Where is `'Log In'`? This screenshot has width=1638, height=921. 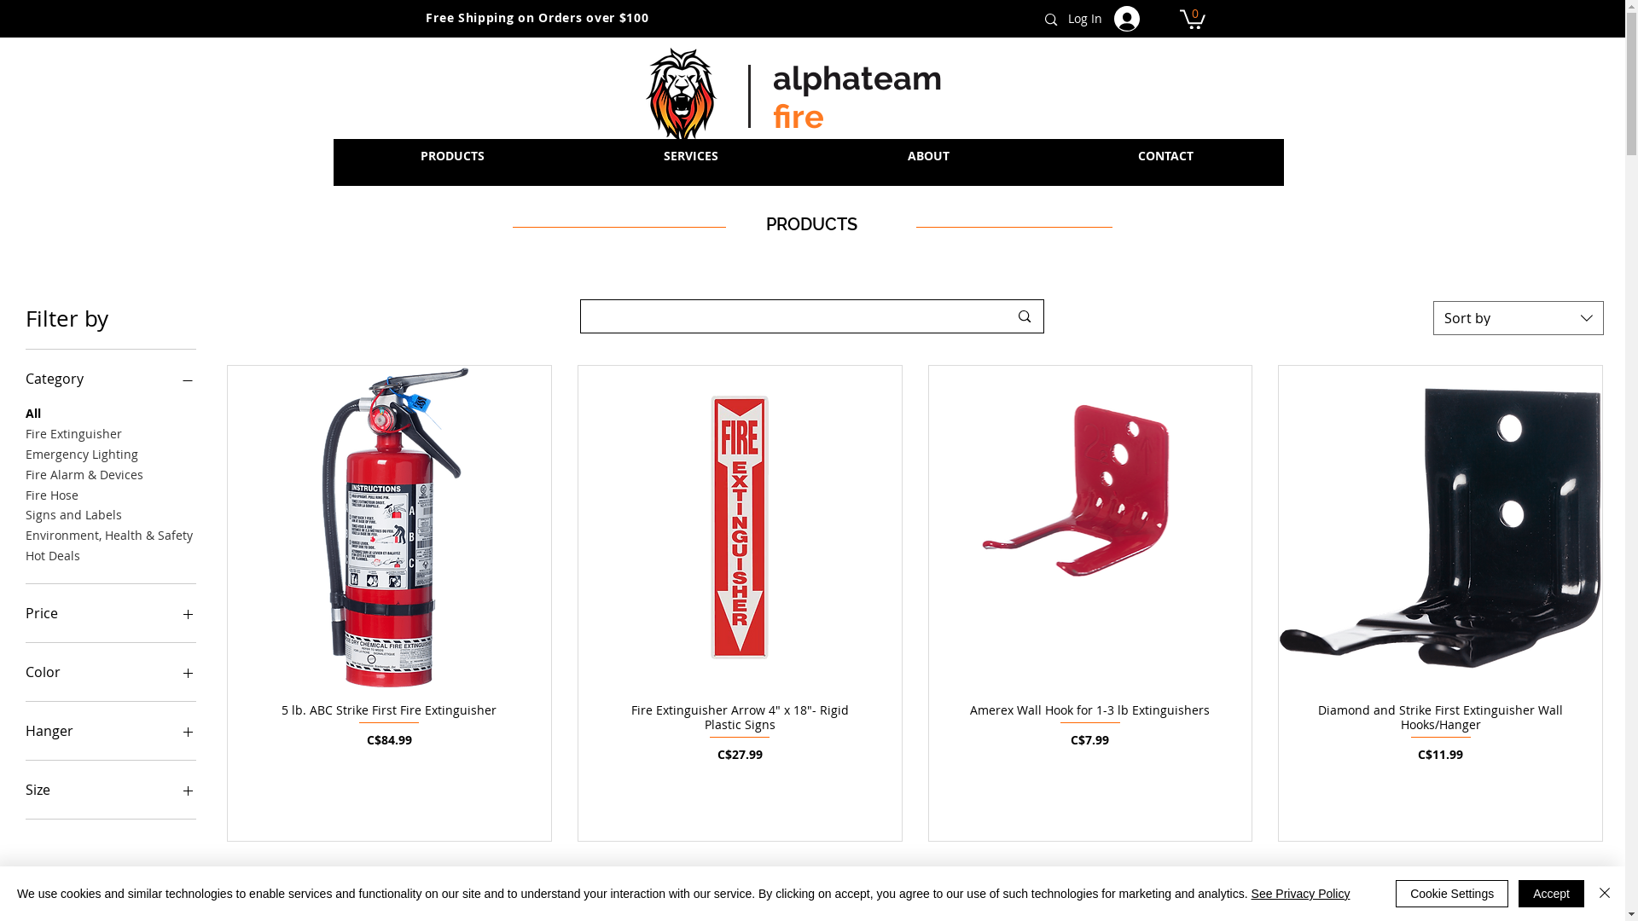 'Log In' is located at coordinates (1113, 17).